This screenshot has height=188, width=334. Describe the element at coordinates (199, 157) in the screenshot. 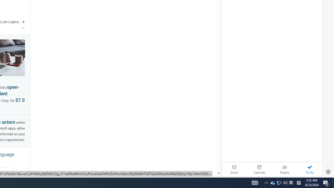

I see `'AutomationID: mfa_root'` at that location.